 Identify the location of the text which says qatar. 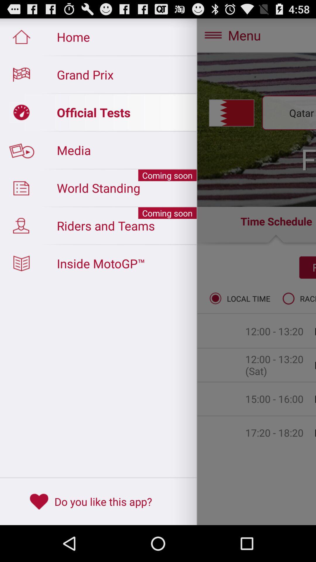
(98, 112).